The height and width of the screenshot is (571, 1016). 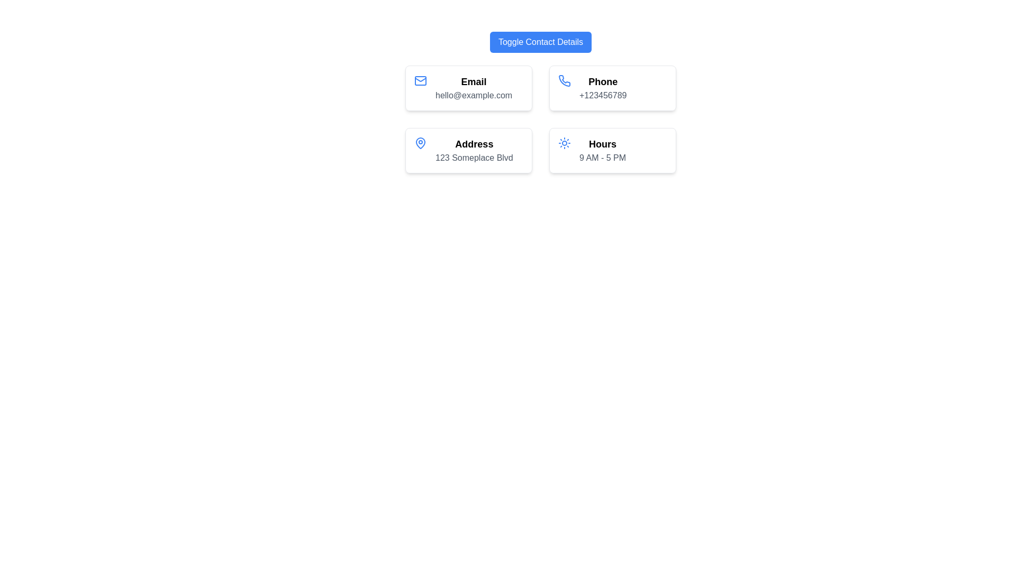 What do you see at coordinates (612, 151) in the screenshot?
I see `the Informational Display Card containing the text 'Hours' and the sun icon` at bounding box center [612, 151].